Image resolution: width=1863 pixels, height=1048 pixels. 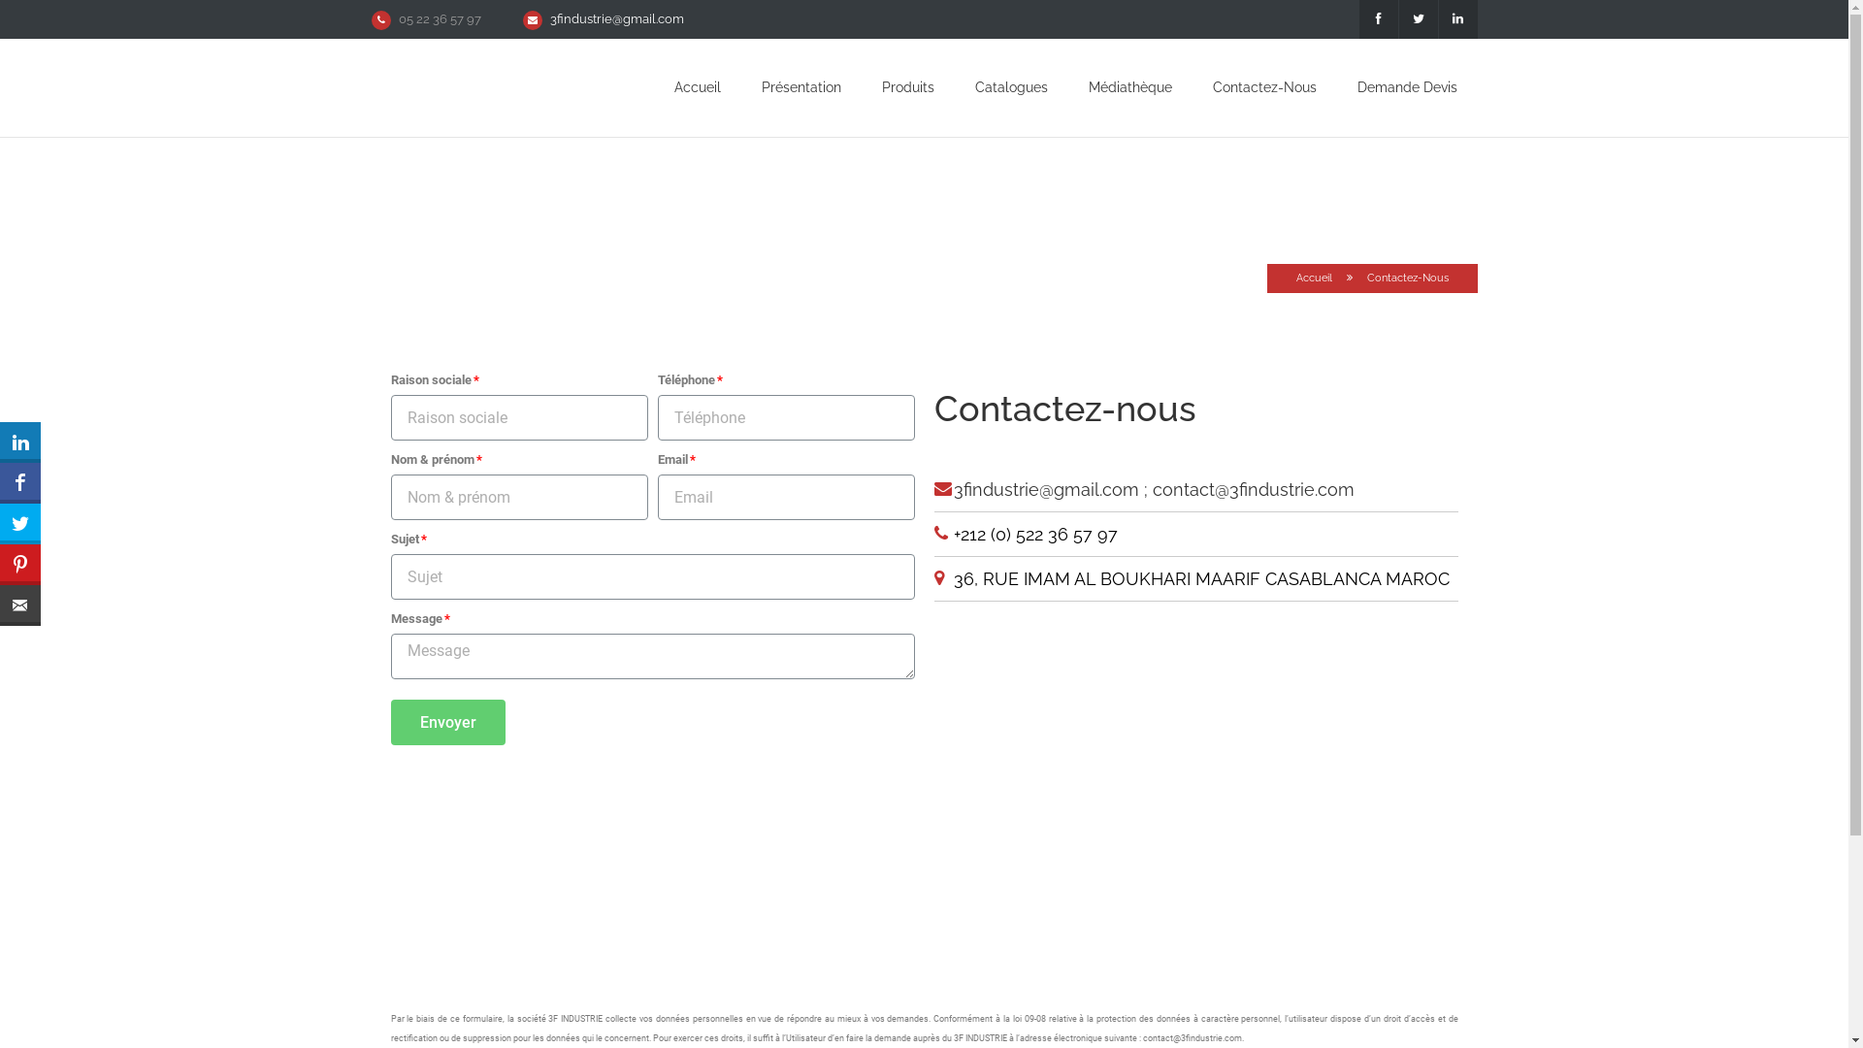 What do you see at coordinates (548, 18) in the screenshot?
I see `'3findustrie@gmail.com'` at bounding box center [548, 18].